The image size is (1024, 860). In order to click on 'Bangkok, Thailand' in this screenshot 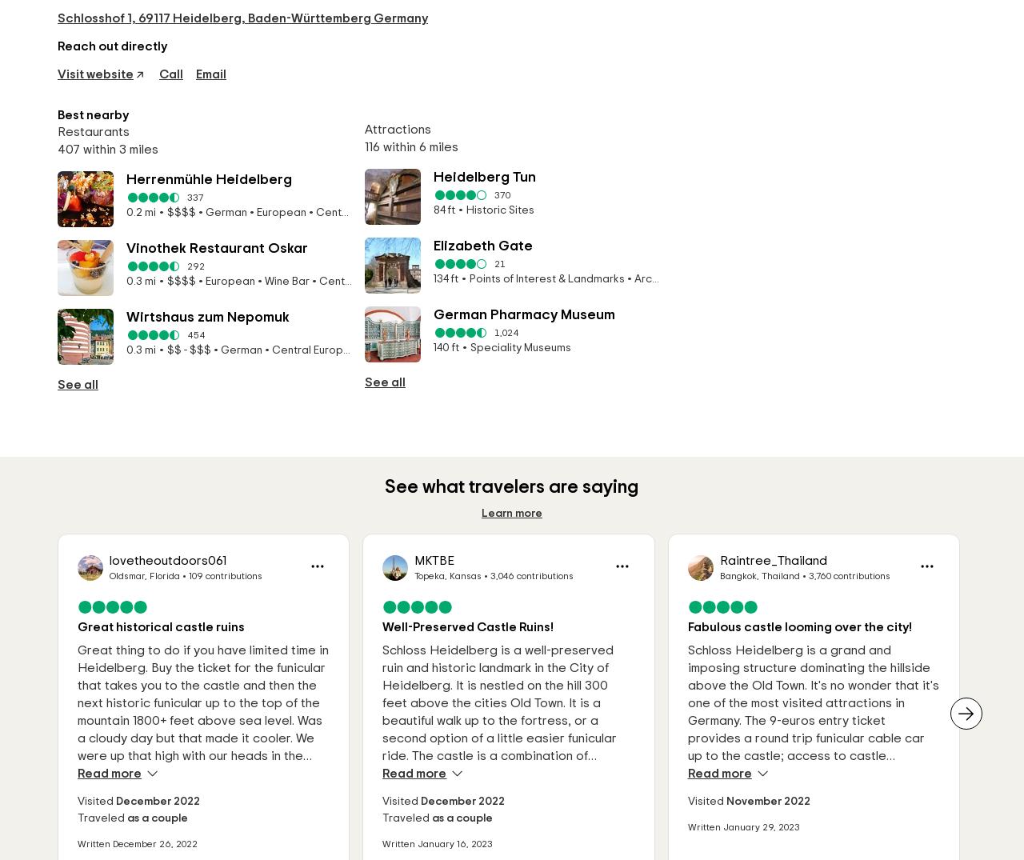, I will do `click(758, 575)`.